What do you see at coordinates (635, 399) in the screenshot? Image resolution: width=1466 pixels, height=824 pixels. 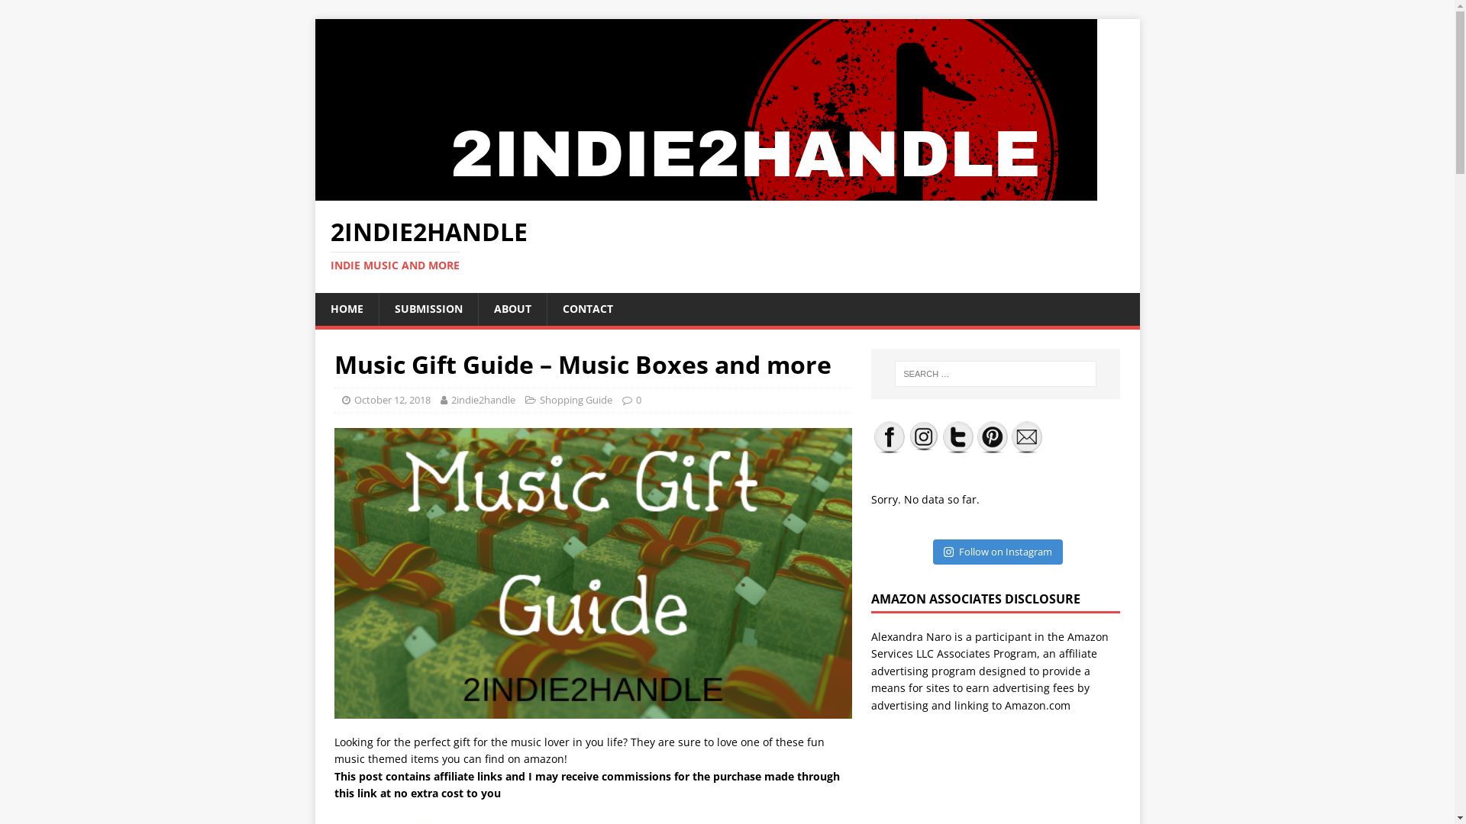 I see `'0'` at bounding box center [635, 399].